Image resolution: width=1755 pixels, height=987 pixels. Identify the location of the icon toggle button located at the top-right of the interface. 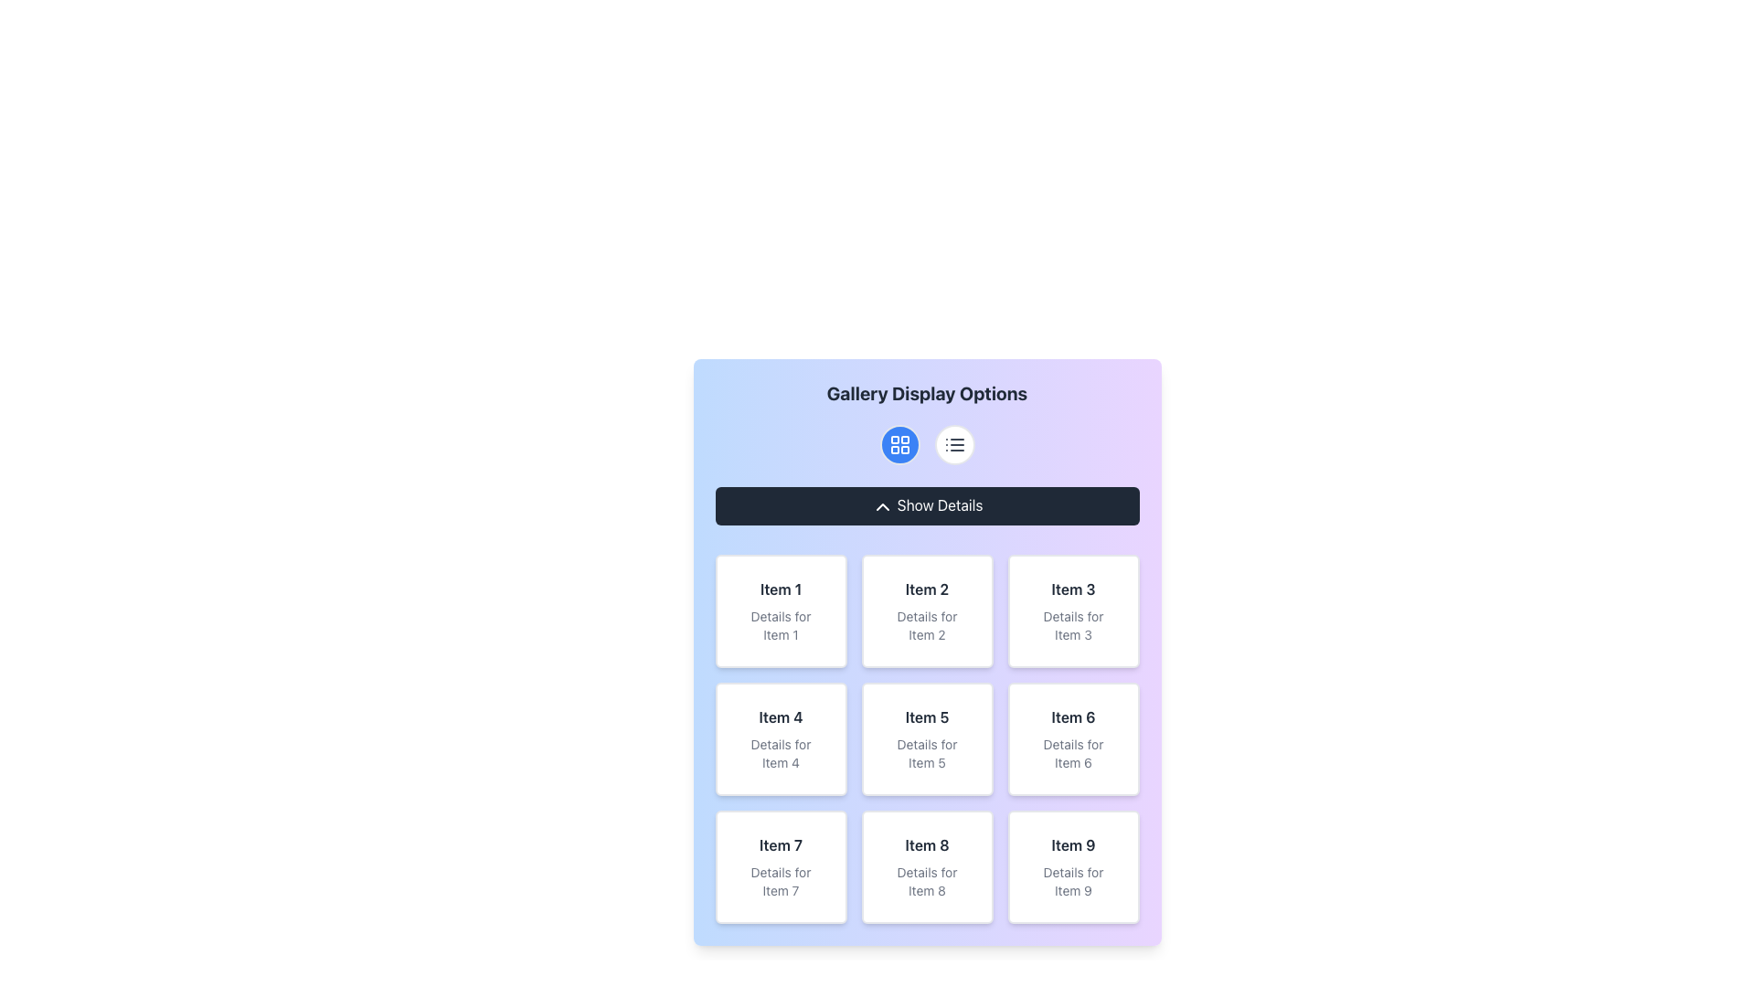
(953, 444).